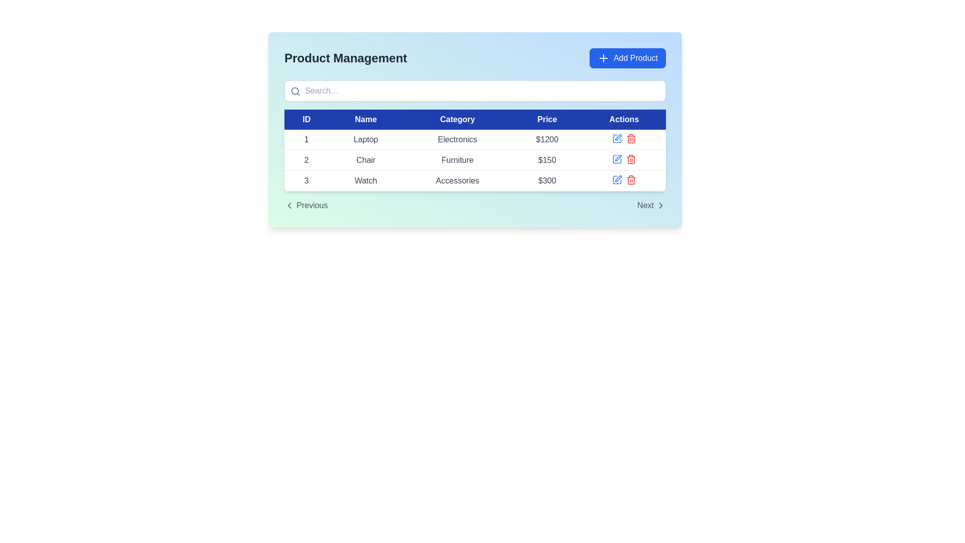 This screenshot has width=965, height=543. I want to click on the small blue-bordered plus icon located to the left of the 'Add Product' button in the upper right corner of the interface, so click(603, 58).